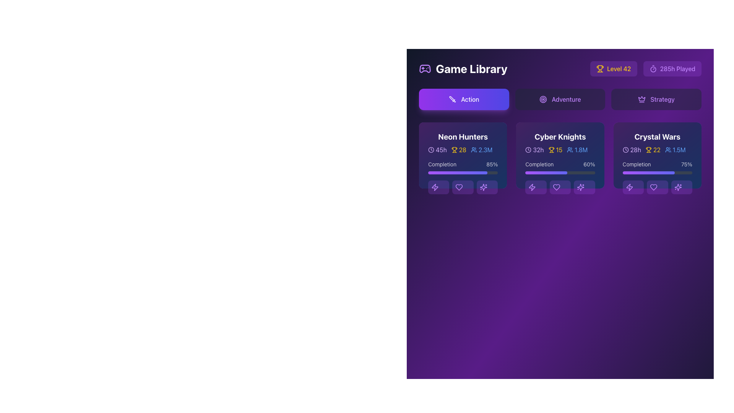 The height and width of the screenshot is (413, 734). Describe the element at coordinates (459, 150) in the screenshot. I see `the trophy icon with adjacent text indicating the number of achievements for the game 'Neon Hunters', which is centrally positioned in the information row of the game card` at that location.